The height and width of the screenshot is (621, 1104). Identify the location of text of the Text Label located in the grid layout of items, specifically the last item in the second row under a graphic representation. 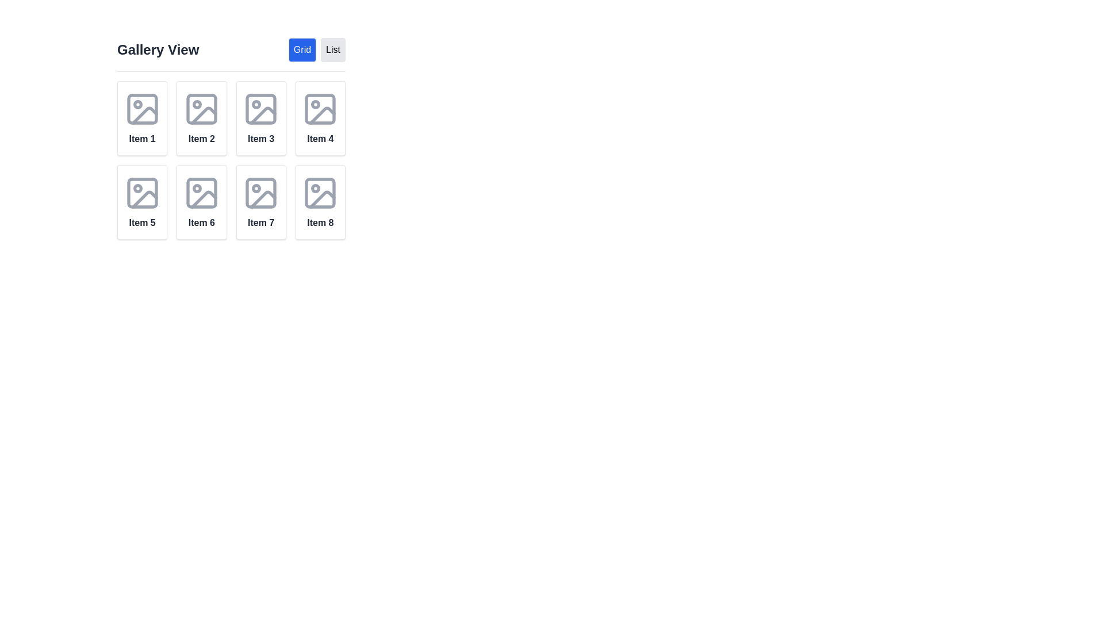
(320, 223).